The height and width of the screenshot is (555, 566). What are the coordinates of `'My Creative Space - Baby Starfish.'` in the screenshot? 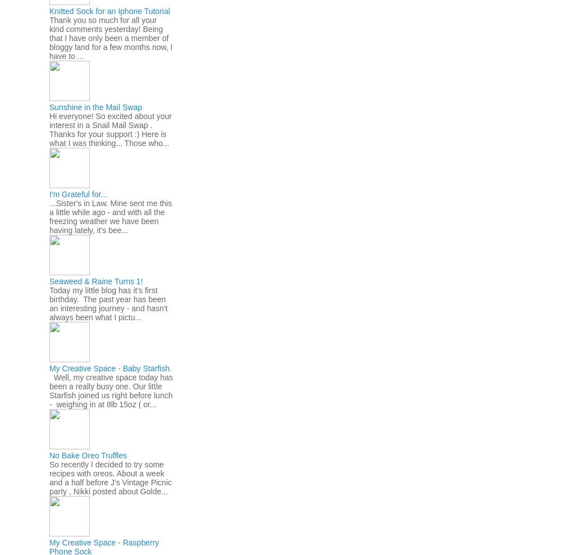 It's located at (49, 367).